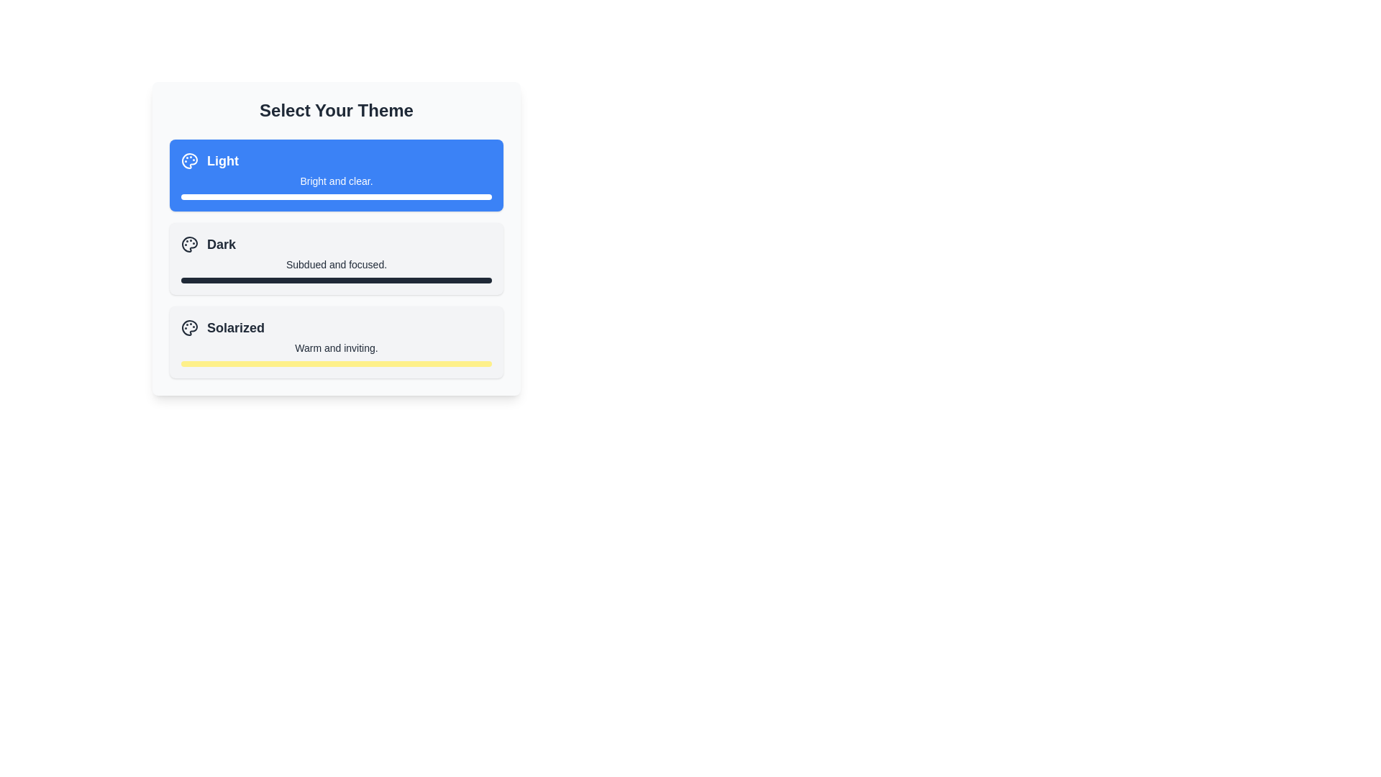  Describe the element at coordinates (189, 243) in the screenshot. I see `the SVG image icon representing the 'Dark' theme selection option, which is located to the left of the text 'Dark' in the second option of a three-option list under 'Select Your Theme'` at that location.